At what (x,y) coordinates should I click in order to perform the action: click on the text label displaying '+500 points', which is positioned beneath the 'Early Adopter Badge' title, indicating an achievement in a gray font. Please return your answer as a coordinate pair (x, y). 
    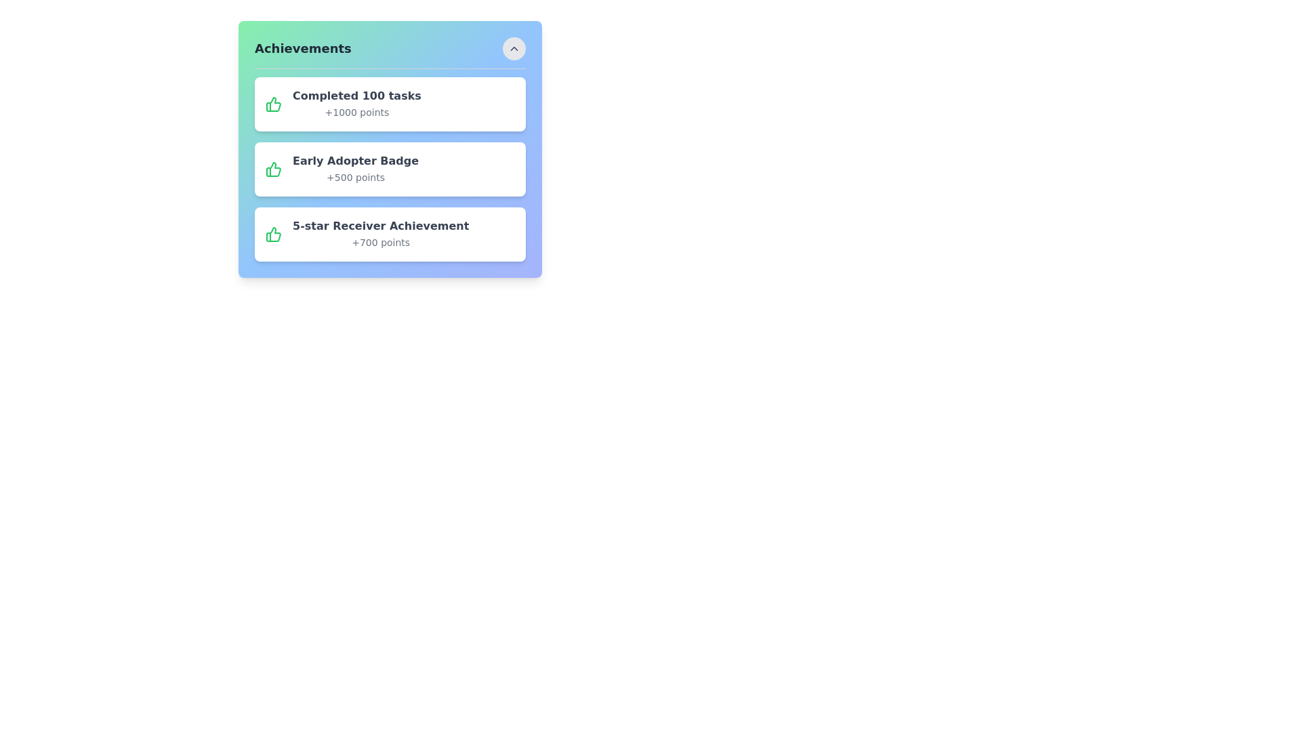
    Looking at the image, I should click on (356, 177).